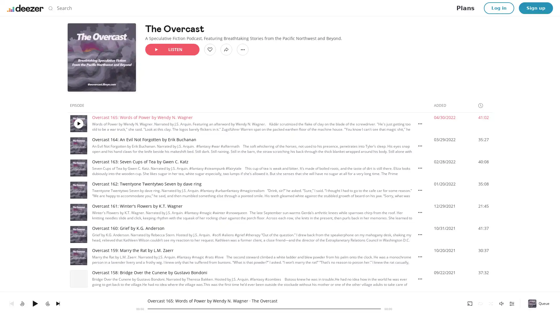 This screenshot has width=560, height=315. I want to click on Skip ahead 30 seconds, so click(48, 303).